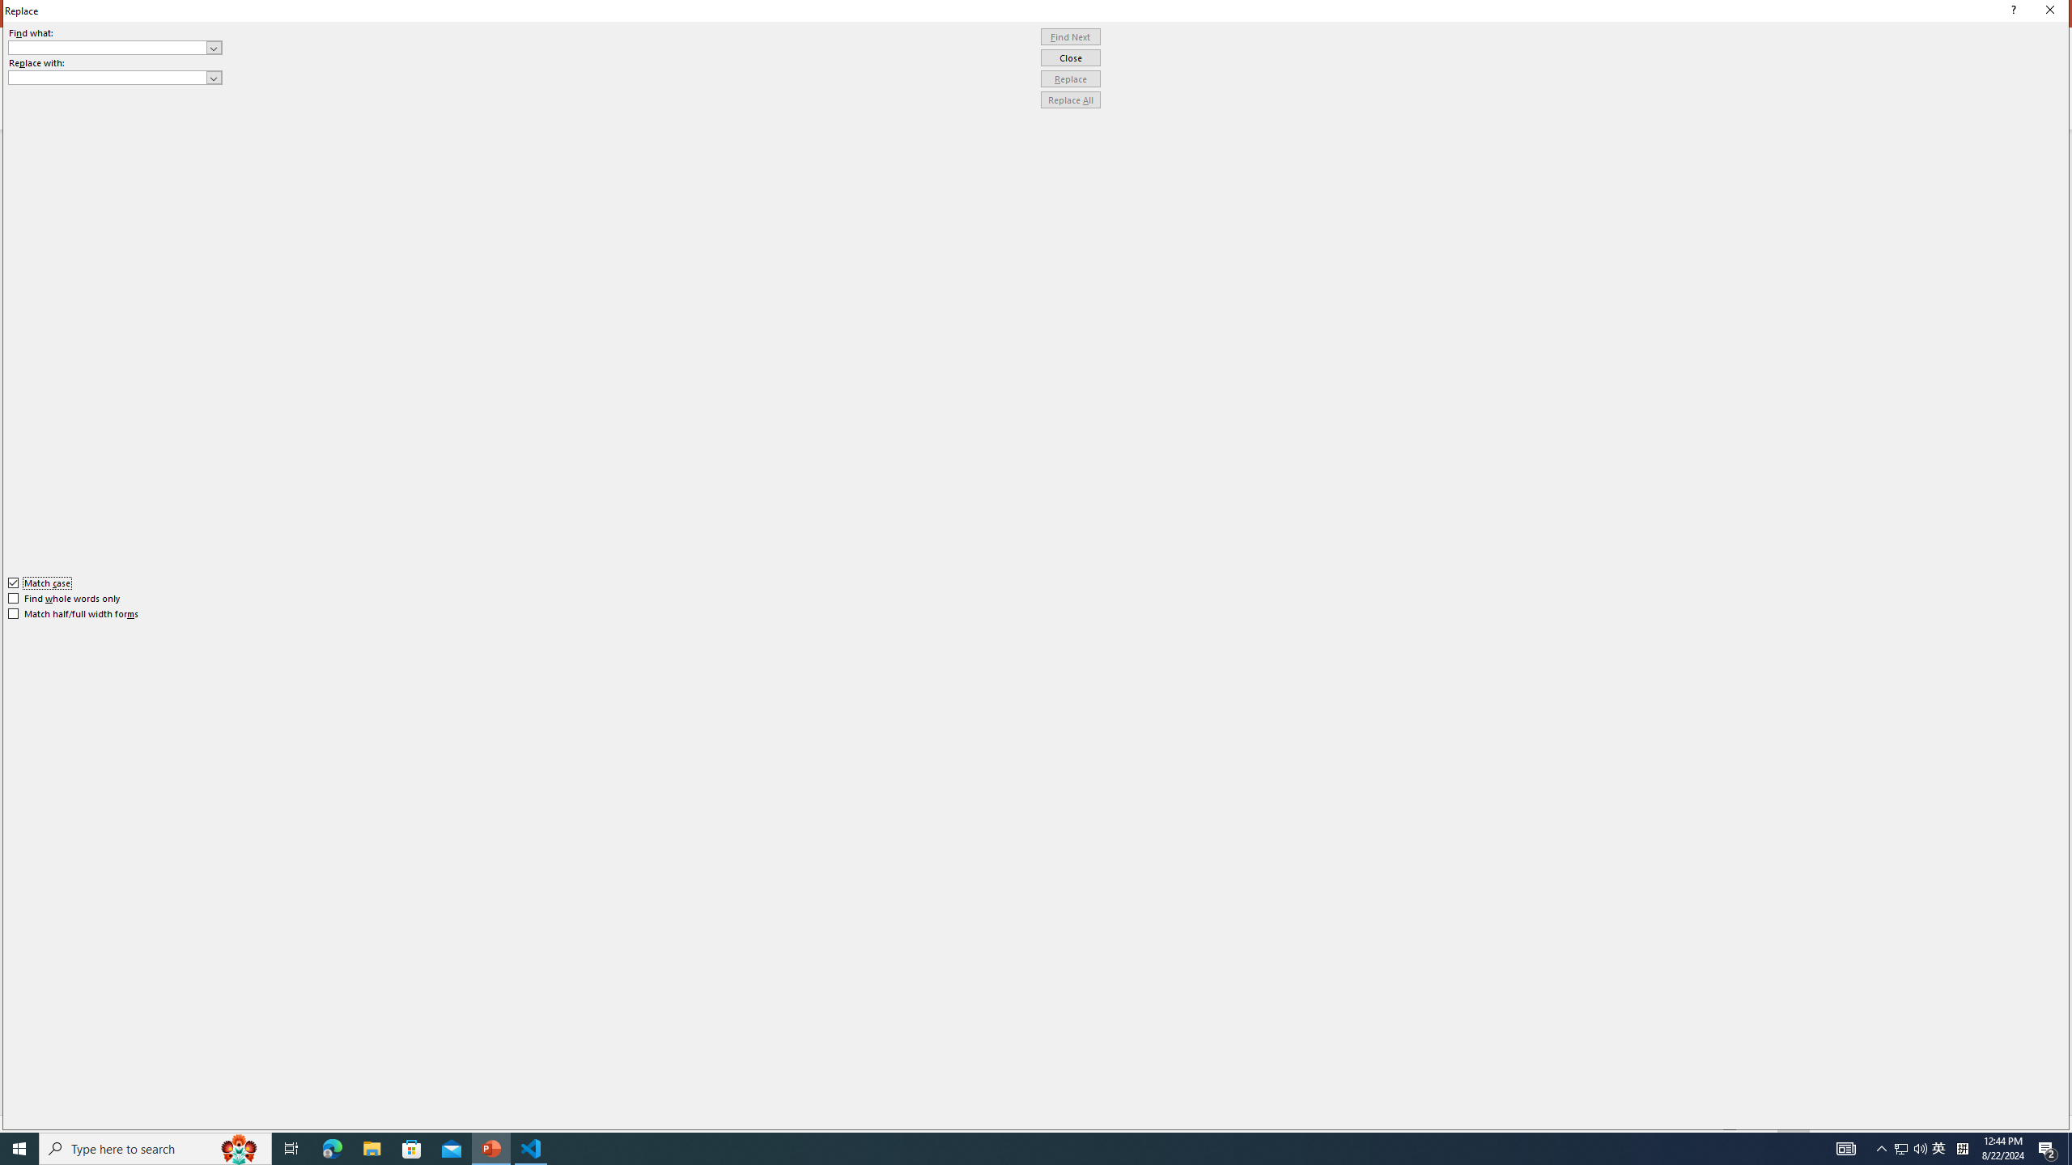 The width and height of the screenshot is (2072, 1165). Describe the element at coordinates (115, 47) in the screenshot. I see `'Find what'` at that location.